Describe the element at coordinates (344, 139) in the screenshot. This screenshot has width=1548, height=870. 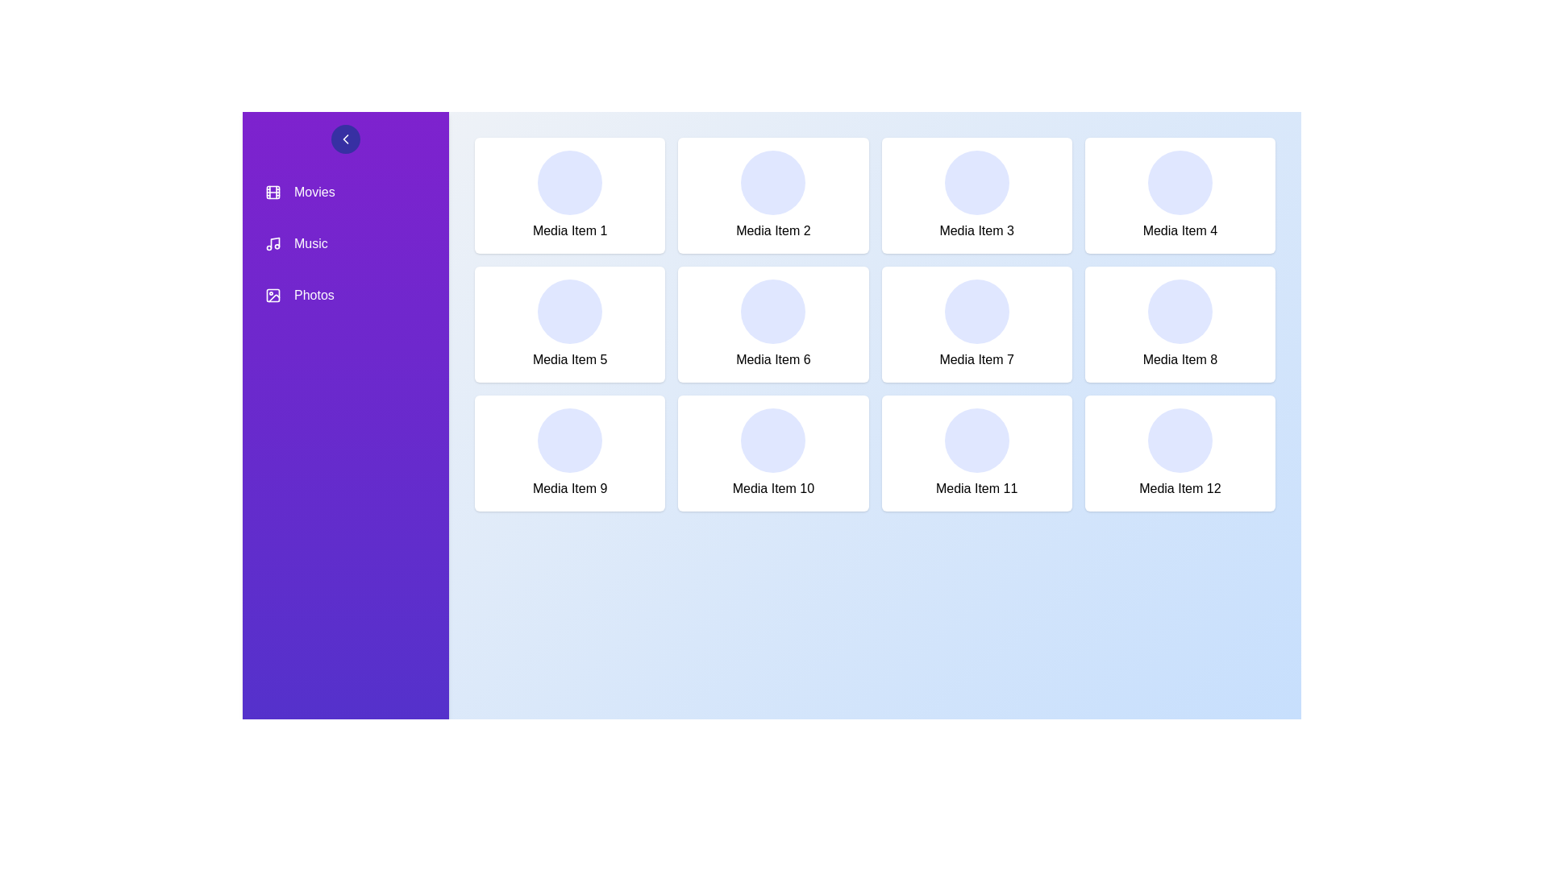
I see `sidebar toggle button to toggle its visibility` at that location.